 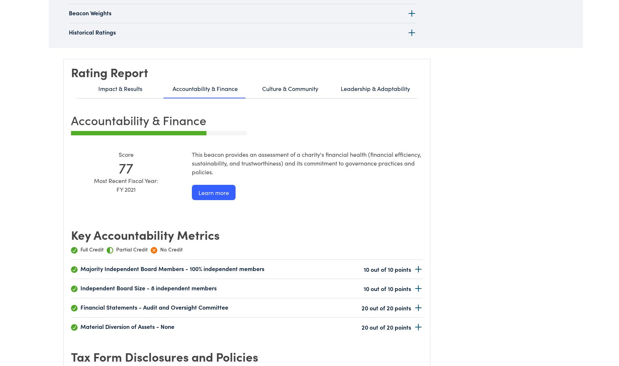 What do you see at coordinates (116, 189) in the screenshot?
I see `'FY 2021'` at bounding box center [116, 189].